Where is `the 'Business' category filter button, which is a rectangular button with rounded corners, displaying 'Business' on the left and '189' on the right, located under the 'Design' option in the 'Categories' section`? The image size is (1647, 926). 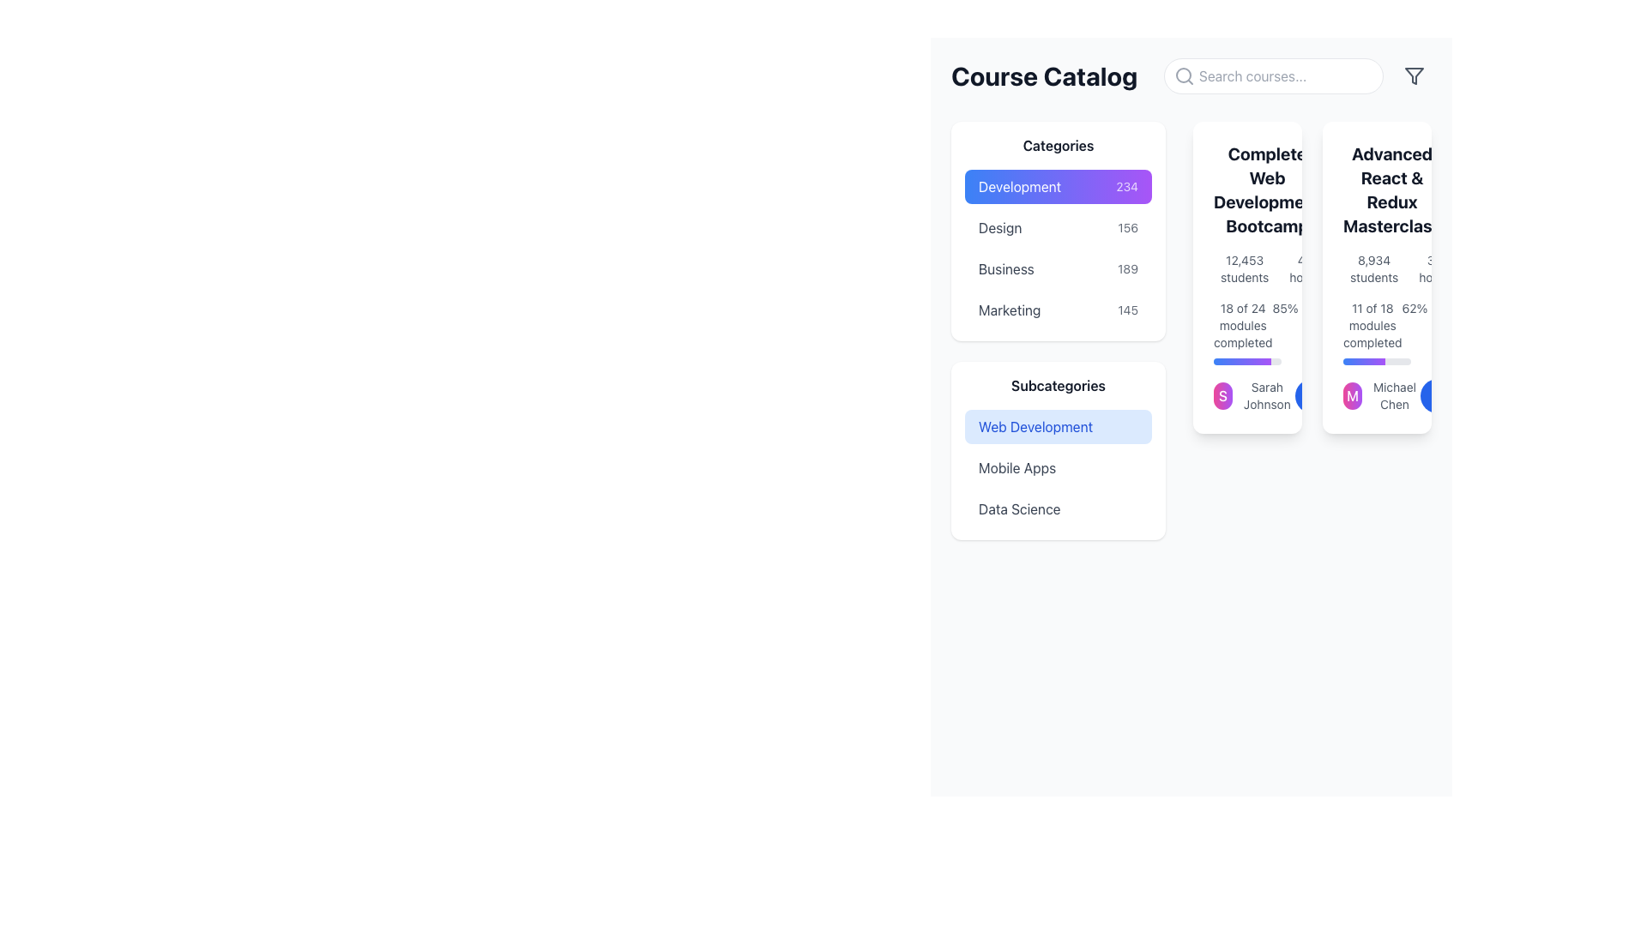
the 'Business' category filter button, which is a rectangular button with rounded corners, displaying 'Business' on the left and '189' on the right, located under the 'Design' option in the 'Categories' section is located at coordinates (1057, 268).